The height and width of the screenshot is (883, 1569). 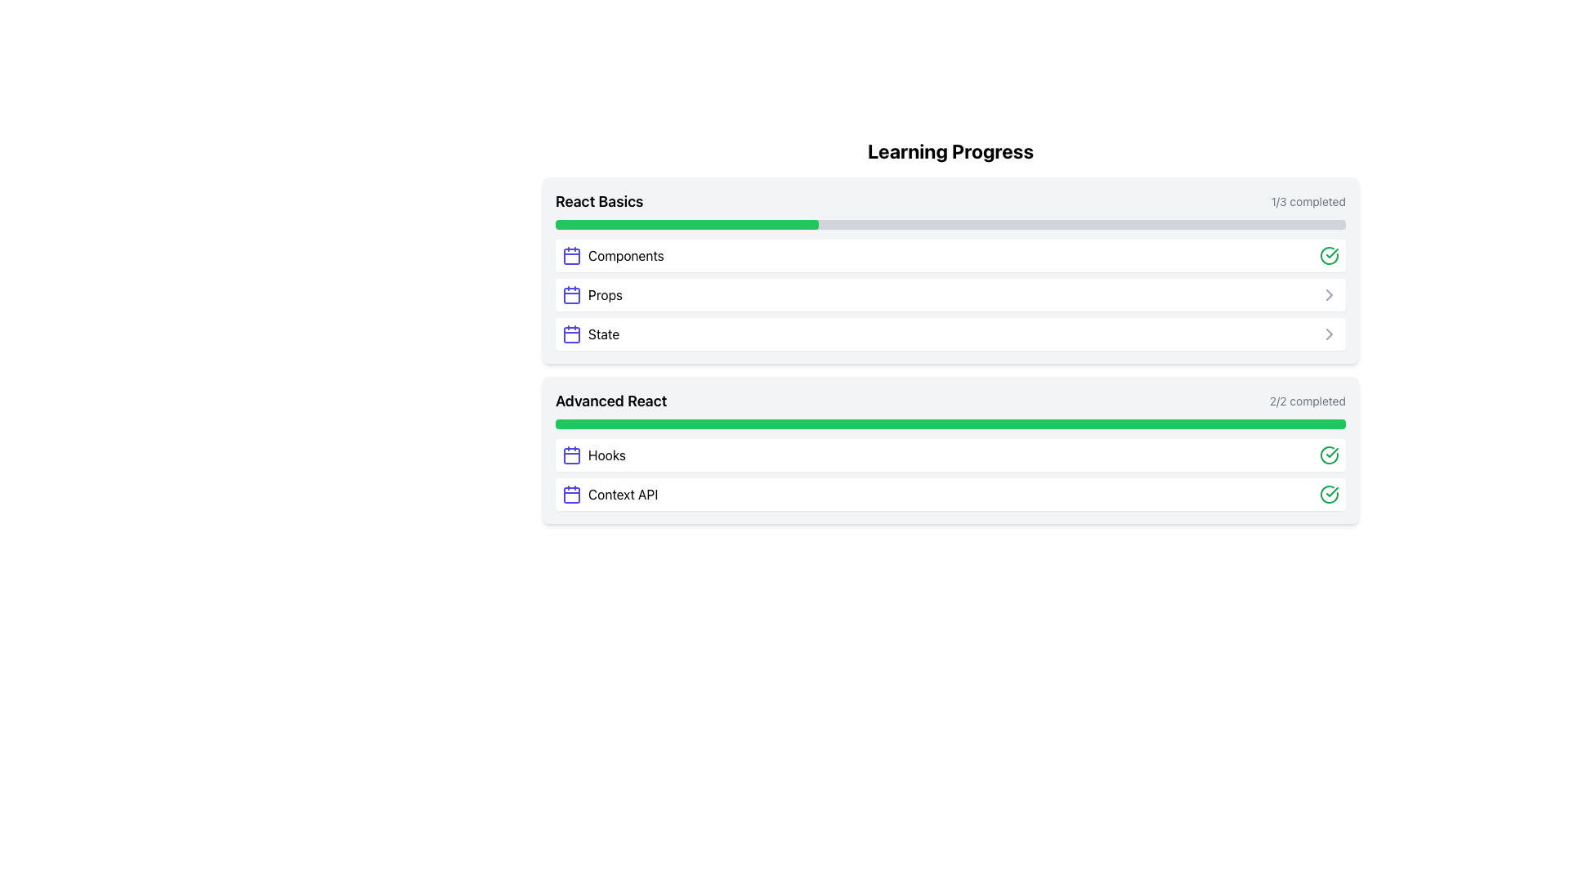 I want to click on the completed learning topic list item titled 'Context API' in the 'Advanced React' section, so click(x=950, y=494).